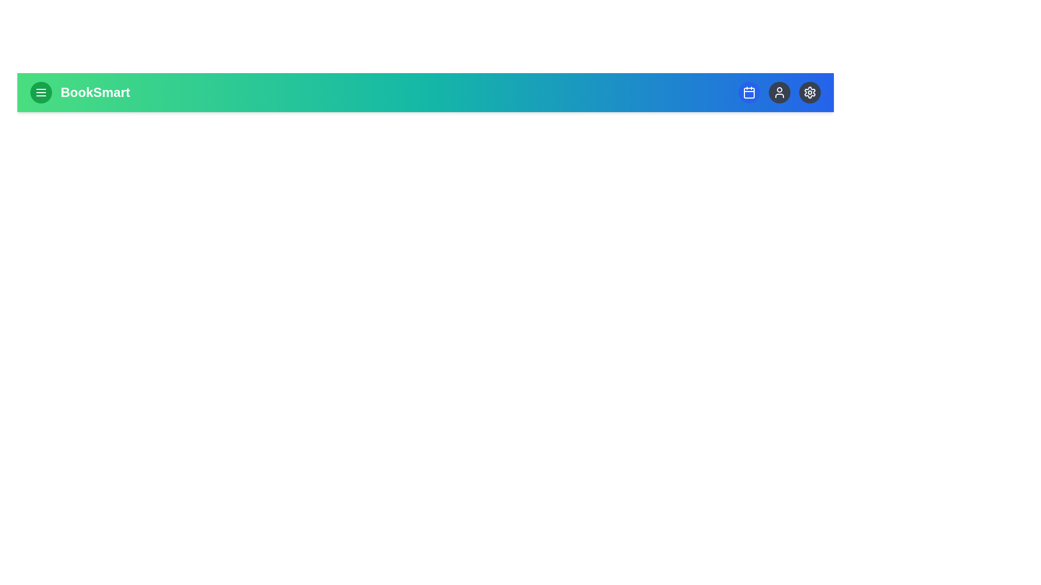 The width and height of the screenshot is (1041, 585). I want to click on the calendar icon button to view the calendar, so click(749, 92).